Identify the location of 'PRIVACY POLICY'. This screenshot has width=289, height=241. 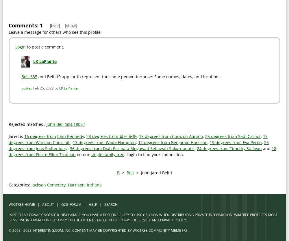
(160, 220).